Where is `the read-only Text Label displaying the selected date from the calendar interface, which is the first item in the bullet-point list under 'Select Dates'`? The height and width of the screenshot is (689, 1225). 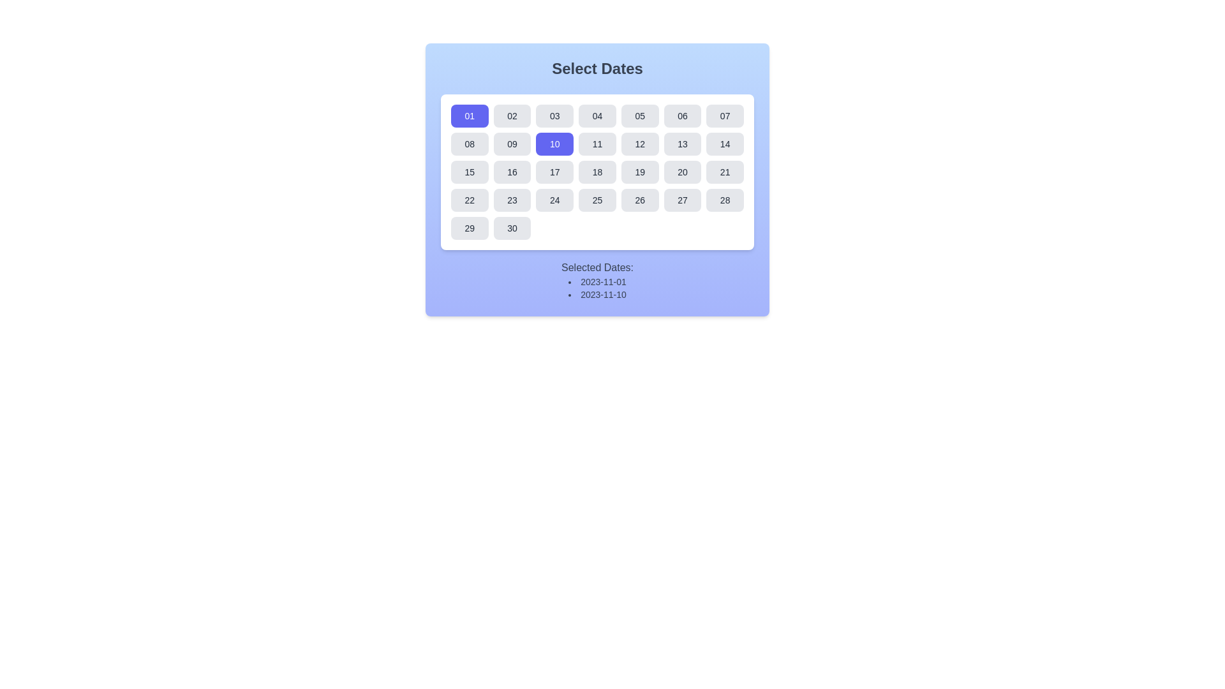 the read-only Text Label displaying the selected date from the calendar interface, which is the first item in the bullet-point list under 'Select Dates' is located at coordinates (597, 281).